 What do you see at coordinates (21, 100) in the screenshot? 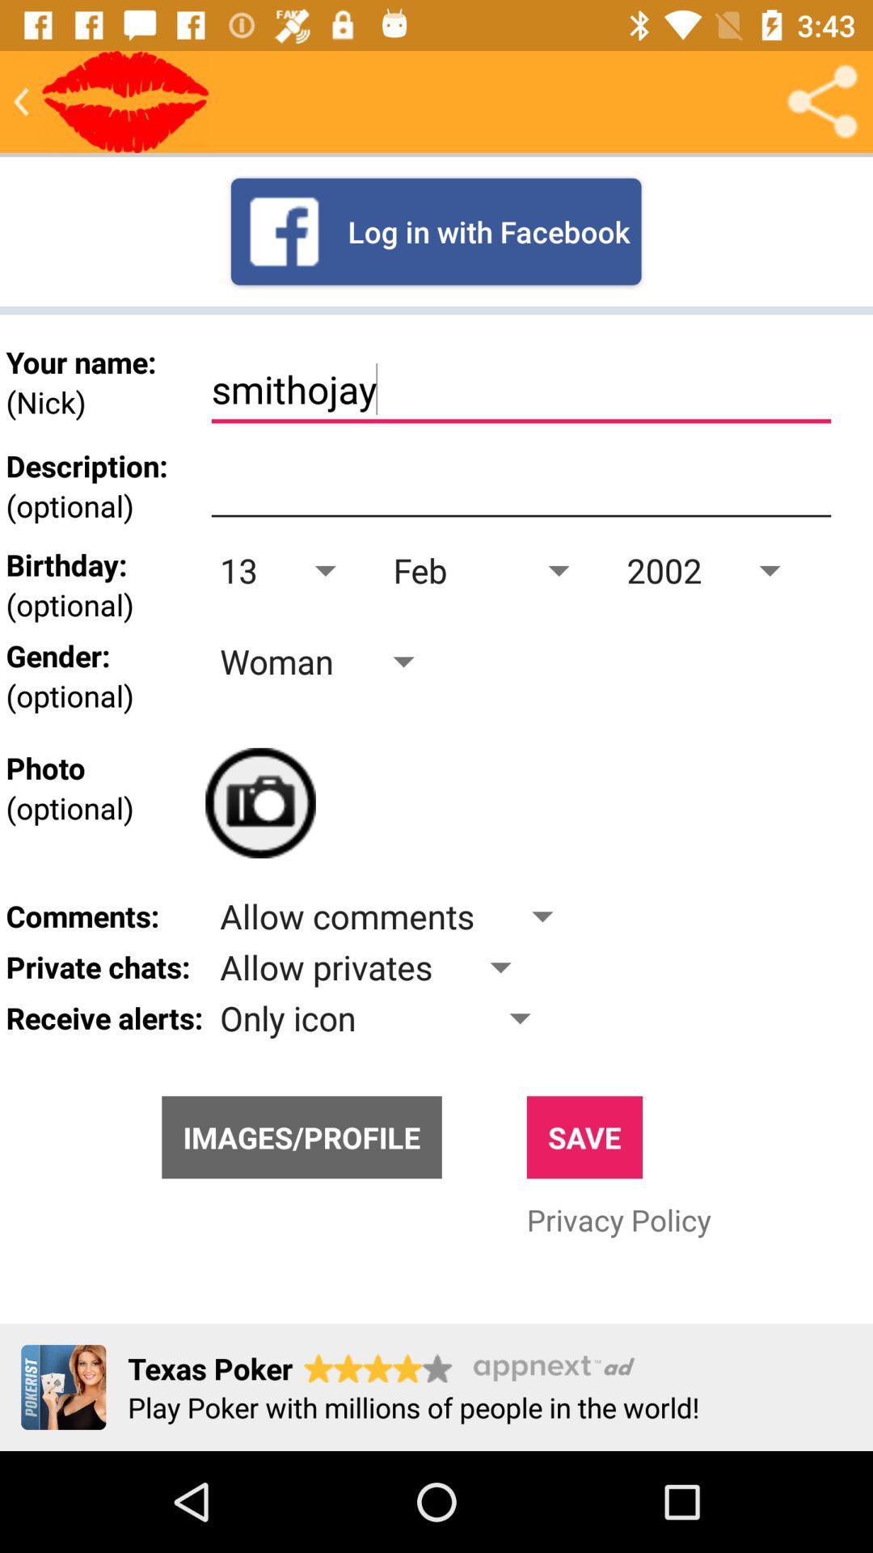
I see `back` at bounding box center [21, 100].